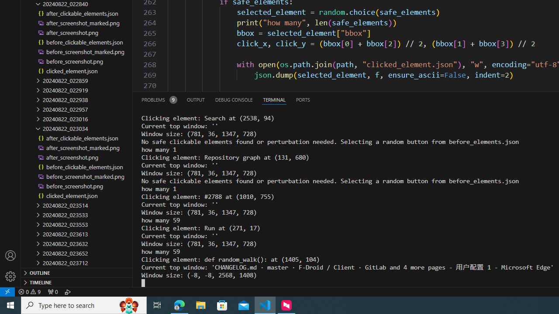 This screenshot has height=314, width=559. I want to click on 'Problems (Ctrl+Shift+M) - Total 9 Problems', so click(159, 99).